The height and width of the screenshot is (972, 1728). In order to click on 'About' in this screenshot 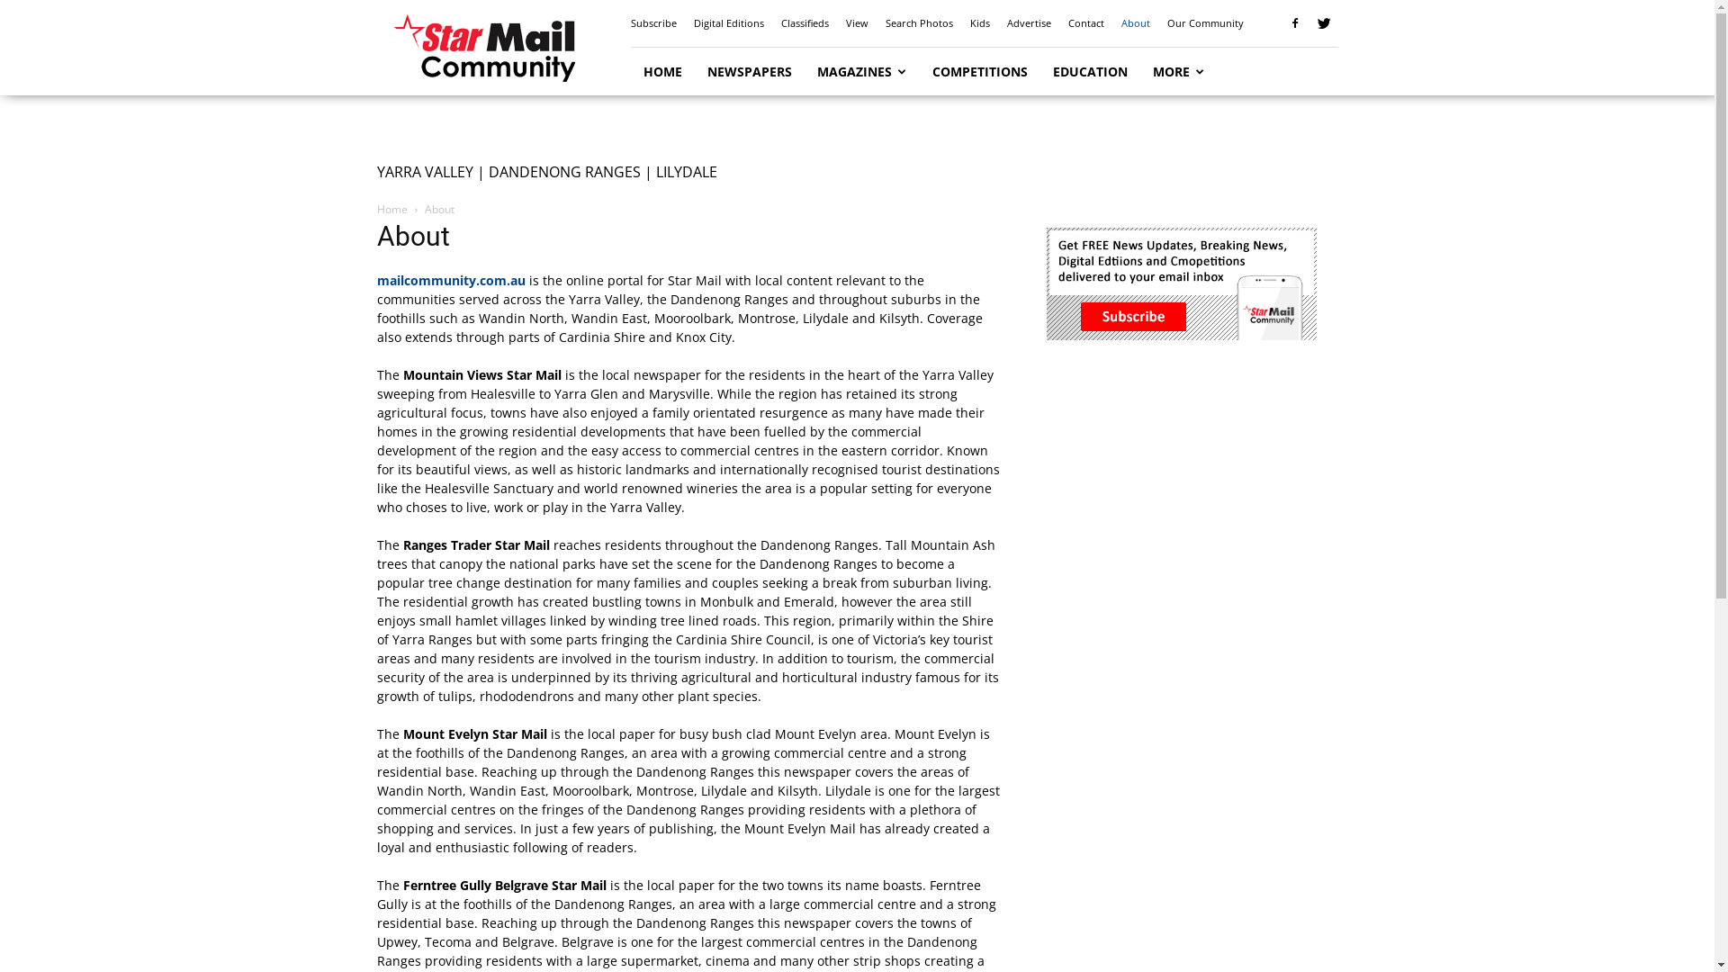, I will do `click(1135, 22)`.